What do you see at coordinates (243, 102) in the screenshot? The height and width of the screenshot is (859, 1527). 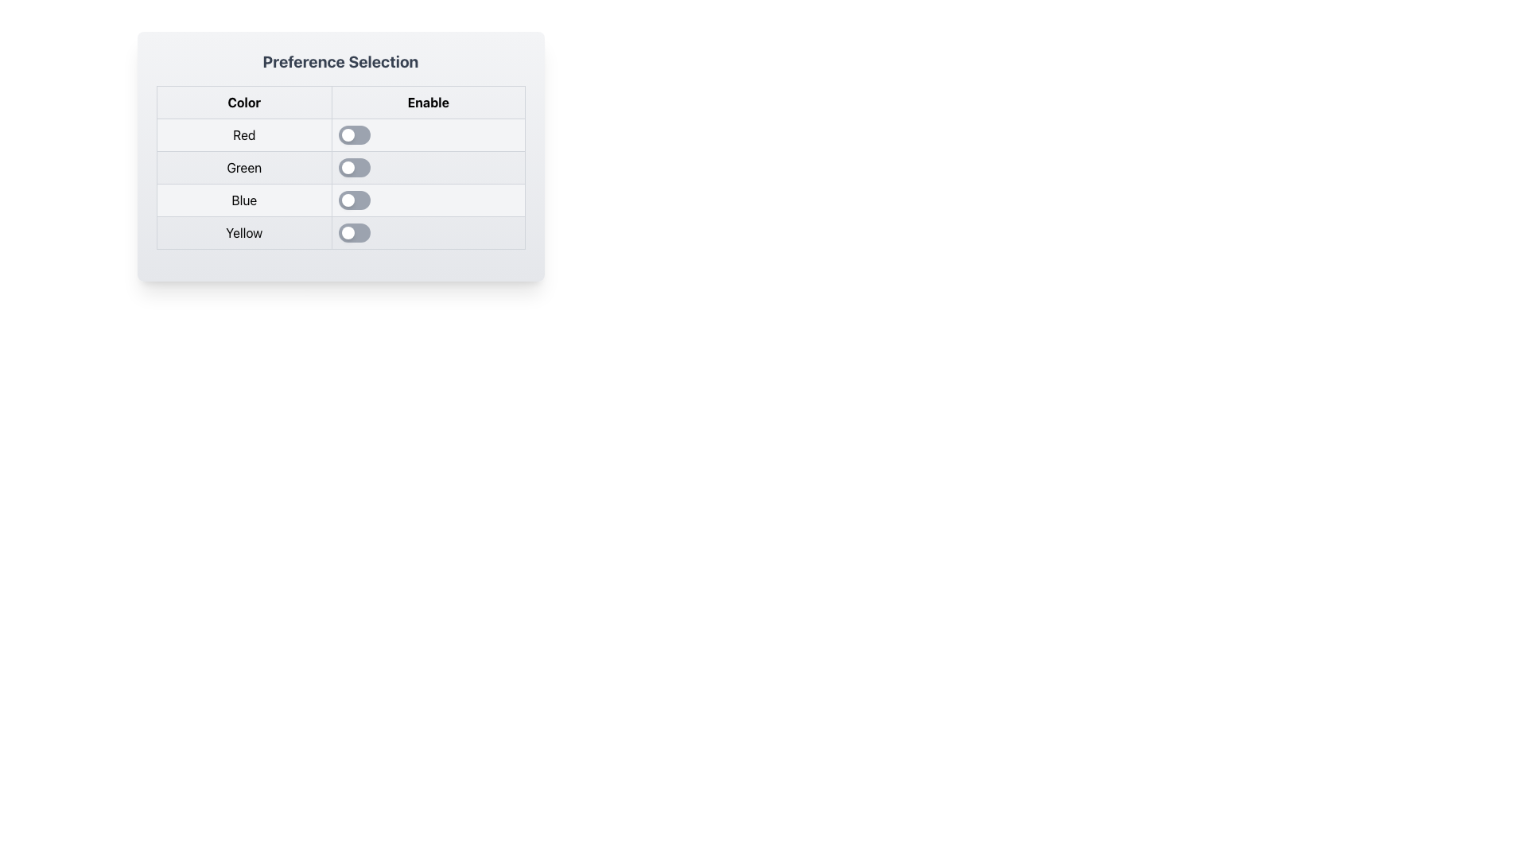 I see `the column header label for color-related options positioned in the top-left cell of the table layout` at bounding box center [243, 102].